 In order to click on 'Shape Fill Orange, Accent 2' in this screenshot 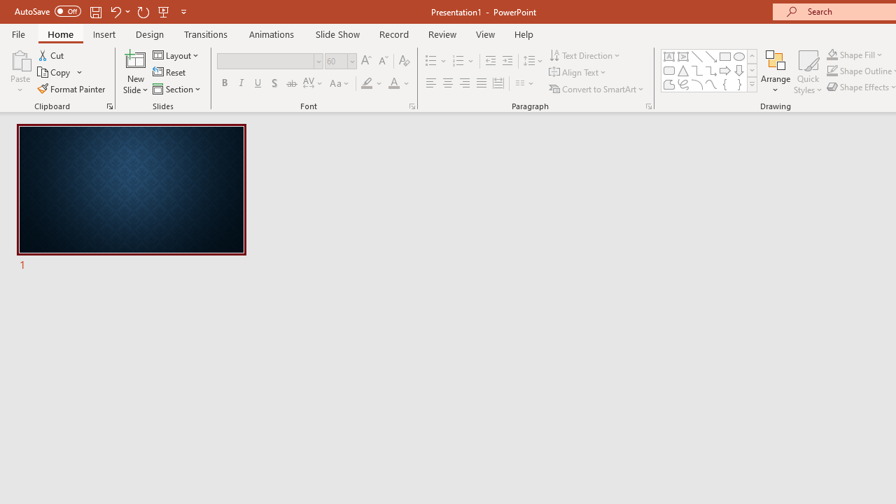, I will do `click(832, 54)`.